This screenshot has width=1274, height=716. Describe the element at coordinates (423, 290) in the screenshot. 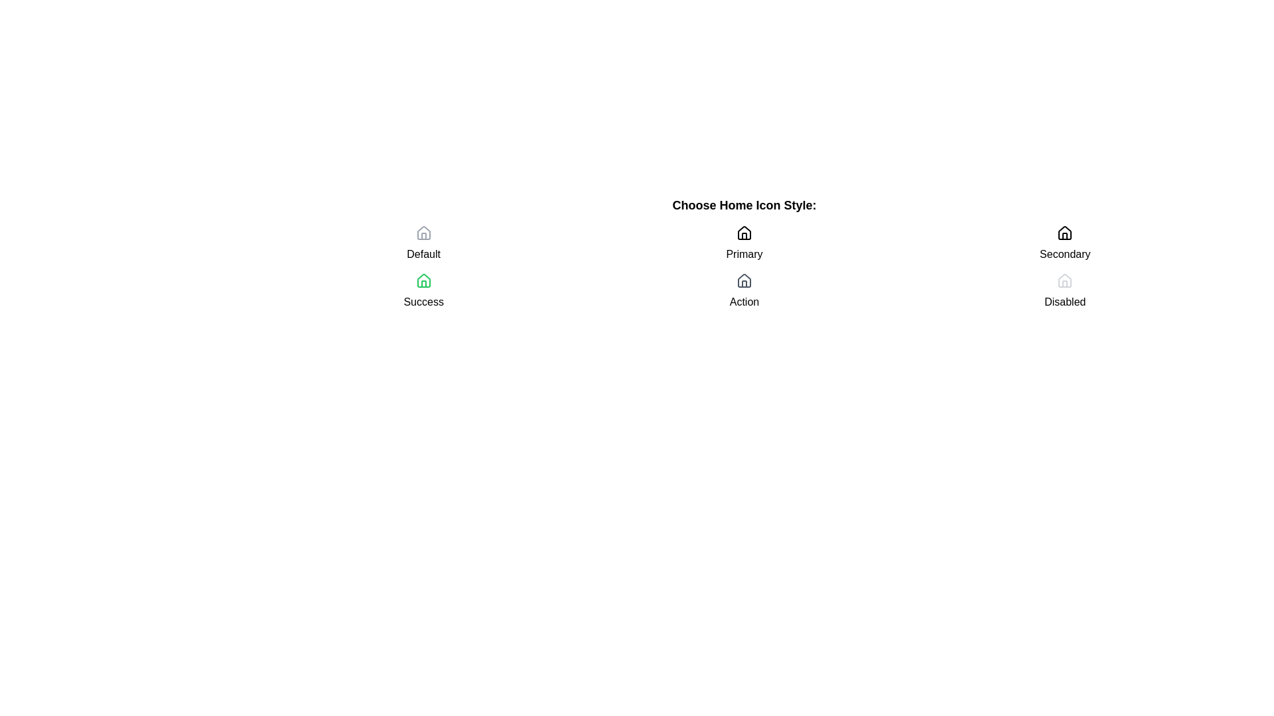

I see `the Icon with Text Label located in the second row of the grid, beneath 'Default' and to the left of 'Primary'` at that location.